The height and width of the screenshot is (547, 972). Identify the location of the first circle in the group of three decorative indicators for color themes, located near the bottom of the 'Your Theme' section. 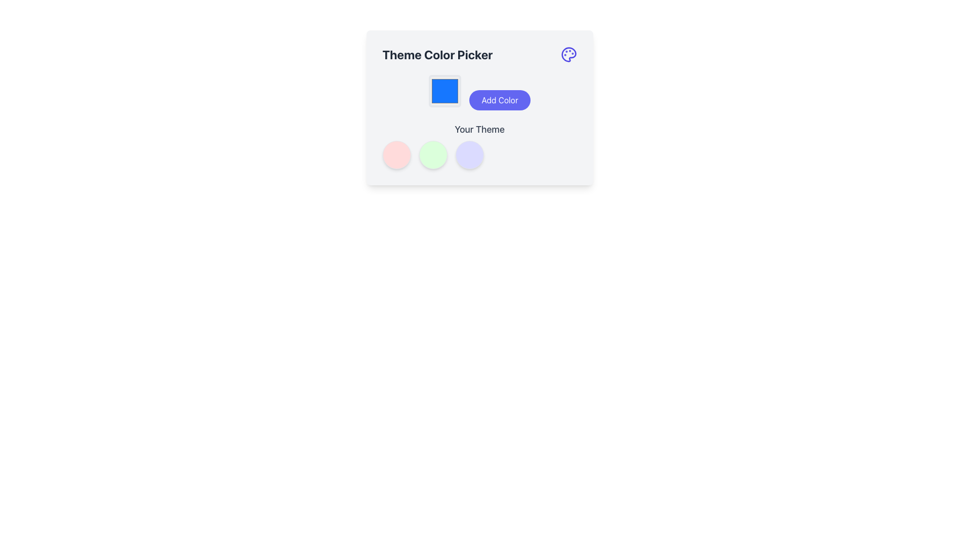
(396, 154).